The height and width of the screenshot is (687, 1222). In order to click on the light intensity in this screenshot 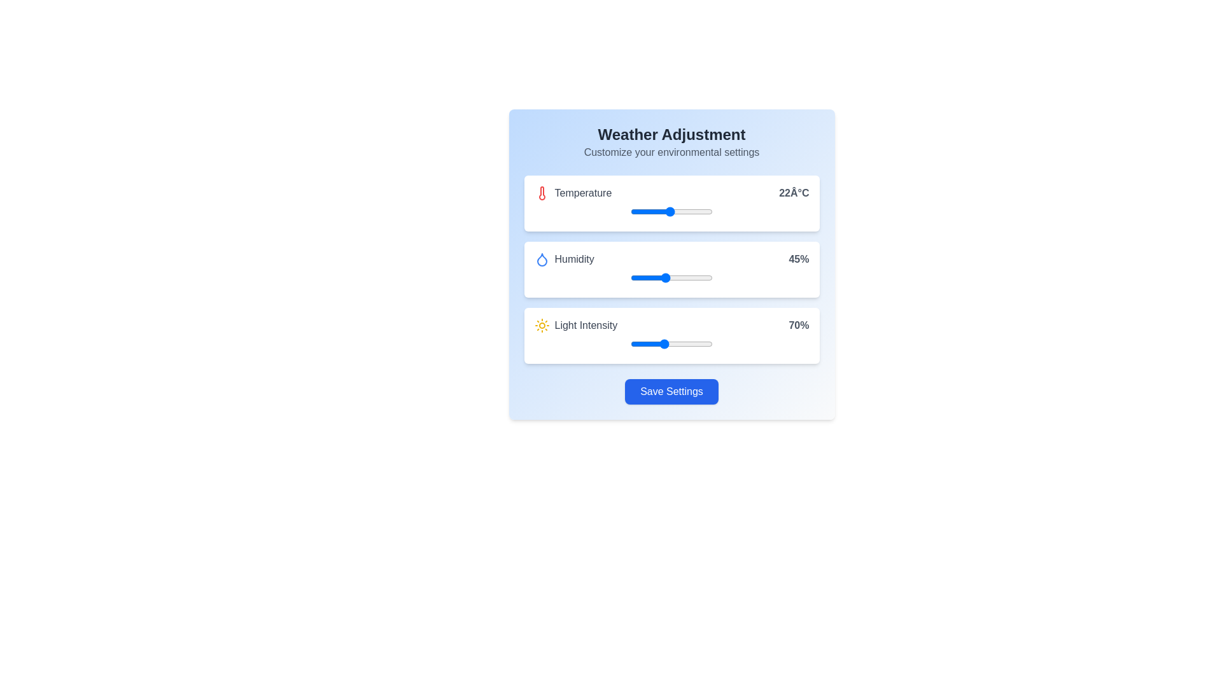, I will do `click(640, 343)`.